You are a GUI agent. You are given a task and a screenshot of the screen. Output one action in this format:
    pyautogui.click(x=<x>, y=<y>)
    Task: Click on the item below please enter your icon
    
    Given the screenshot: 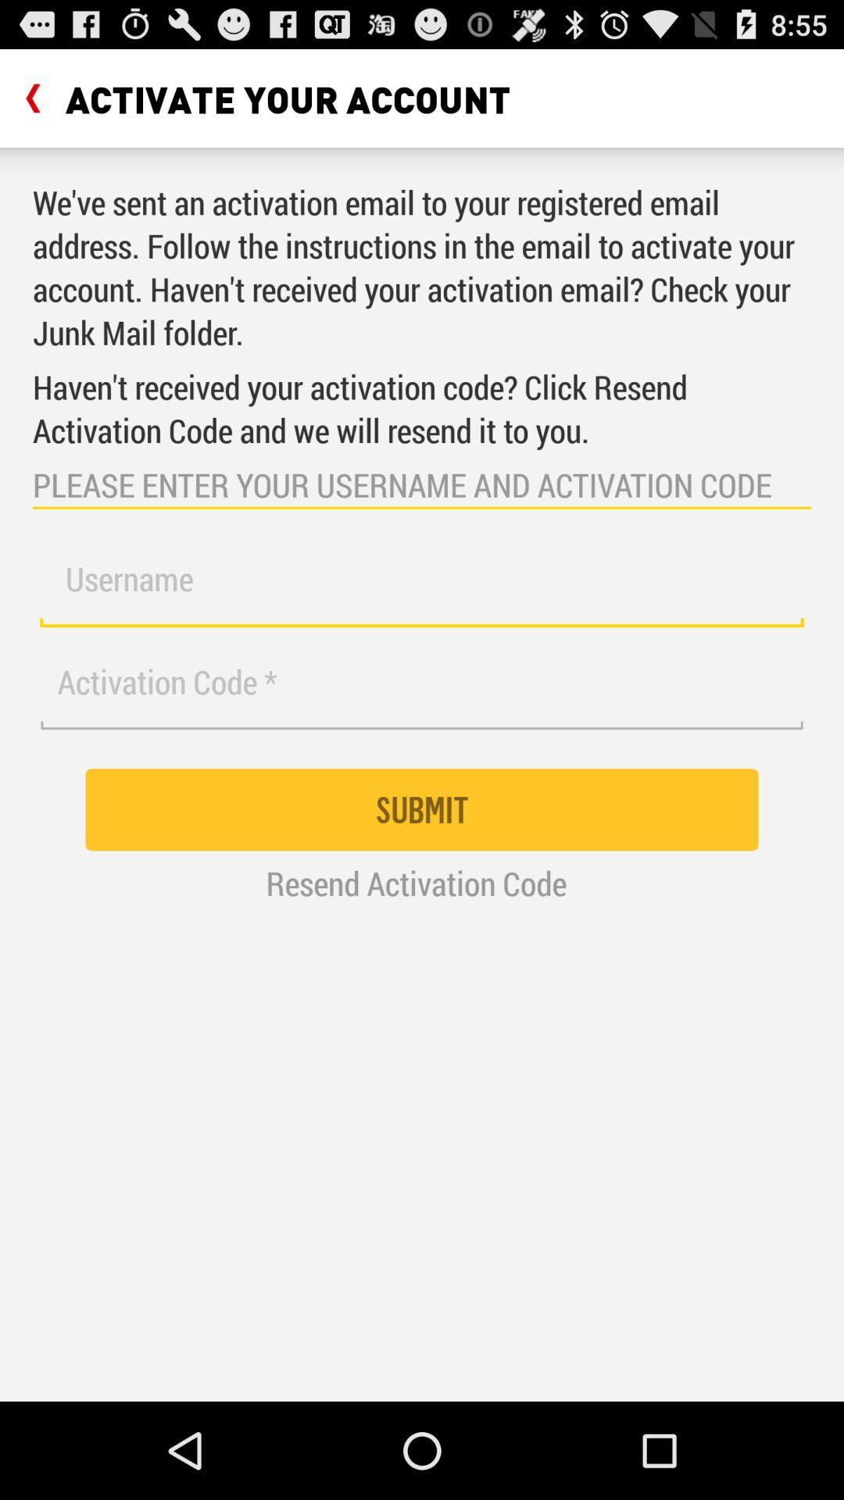 What is the action you would take?
    pyautogui.click(x=422, y=587)
    